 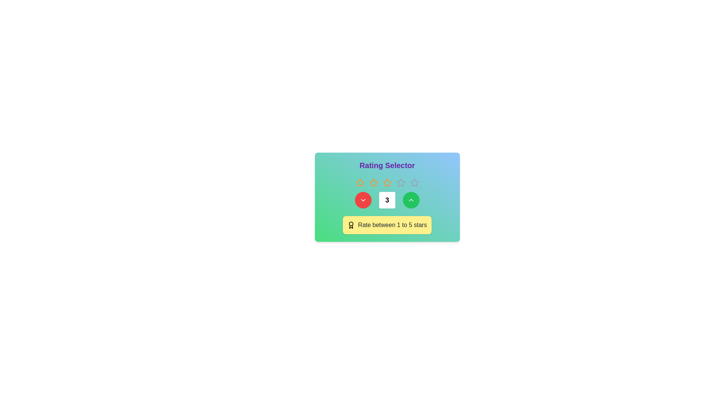 What do you see at coordinates (414, 182) in the screenshot?
I see `the fifth star icon in the horizontal sequence at the top center of the rating interface` at bounding box center [414, 182].